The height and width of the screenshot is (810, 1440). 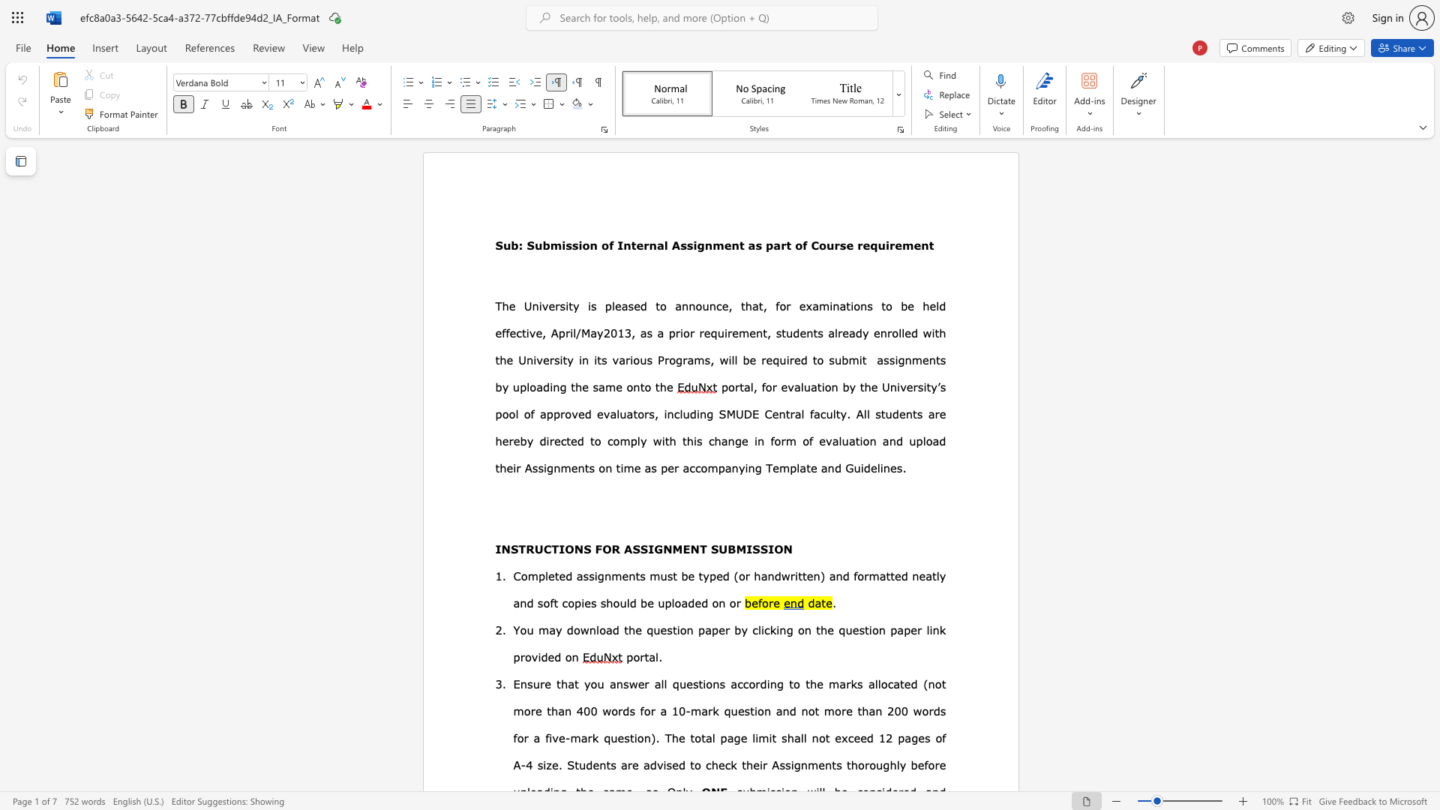 What do you see at coordinates (604, 386) in the screenshot?
I see `the subset text "me onto th" within the text "by uploading the same onto the"` at bounding box center [604, 386].